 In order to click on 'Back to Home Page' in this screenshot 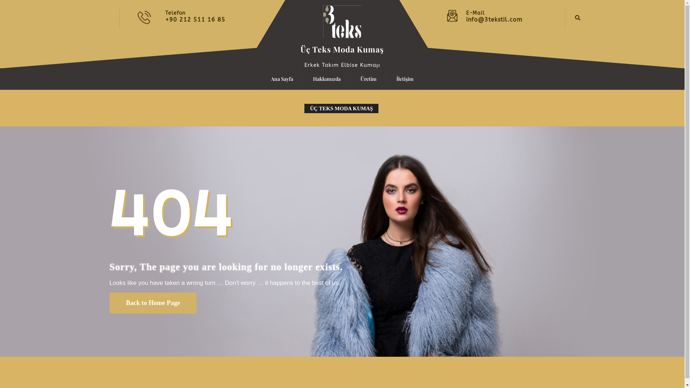, I will do `click(109, 303)`.